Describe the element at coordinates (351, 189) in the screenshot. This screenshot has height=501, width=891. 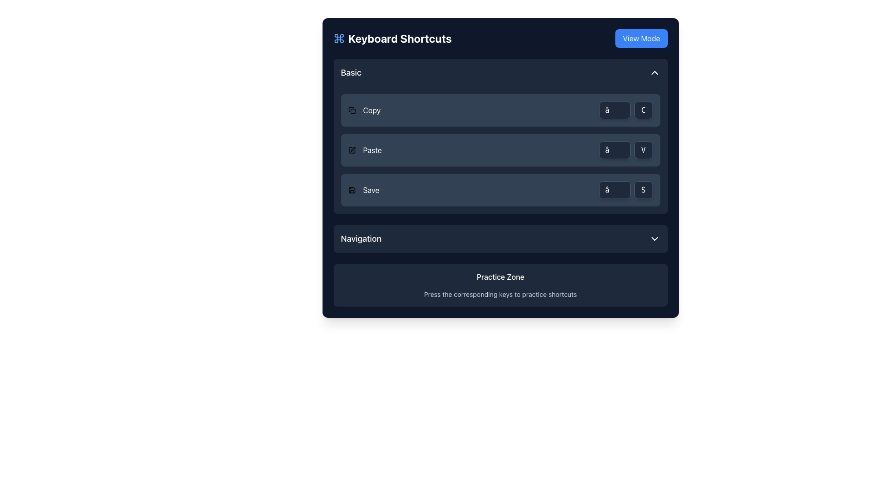
I see `the save action icon, which is a small vector graphic resembling a floppy disk, located at the leftmost position in the 'Basic' section of the 'Keyboard Shortcuts' interface` at that location.